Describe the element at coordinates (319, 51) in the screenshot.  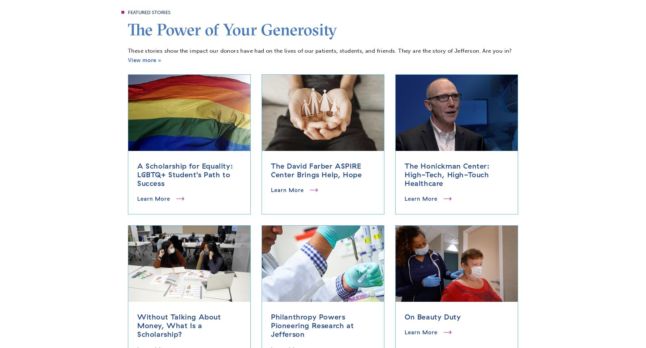
I see `'These stories show the impact our donors have had on the lives of our patients, students, and friends. They are the story of Jefferson. Are you in?'` at that location.